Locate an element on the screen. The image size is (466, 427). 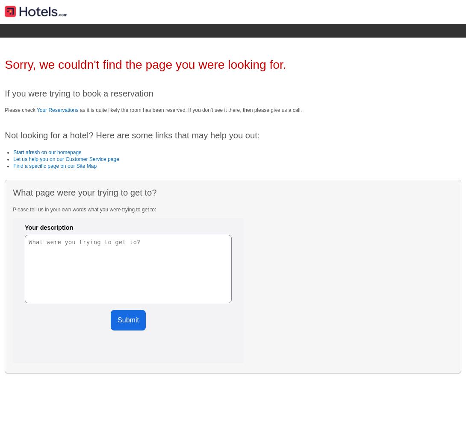
'Start afresh on our homepage' is located at coordinates (47, 152).